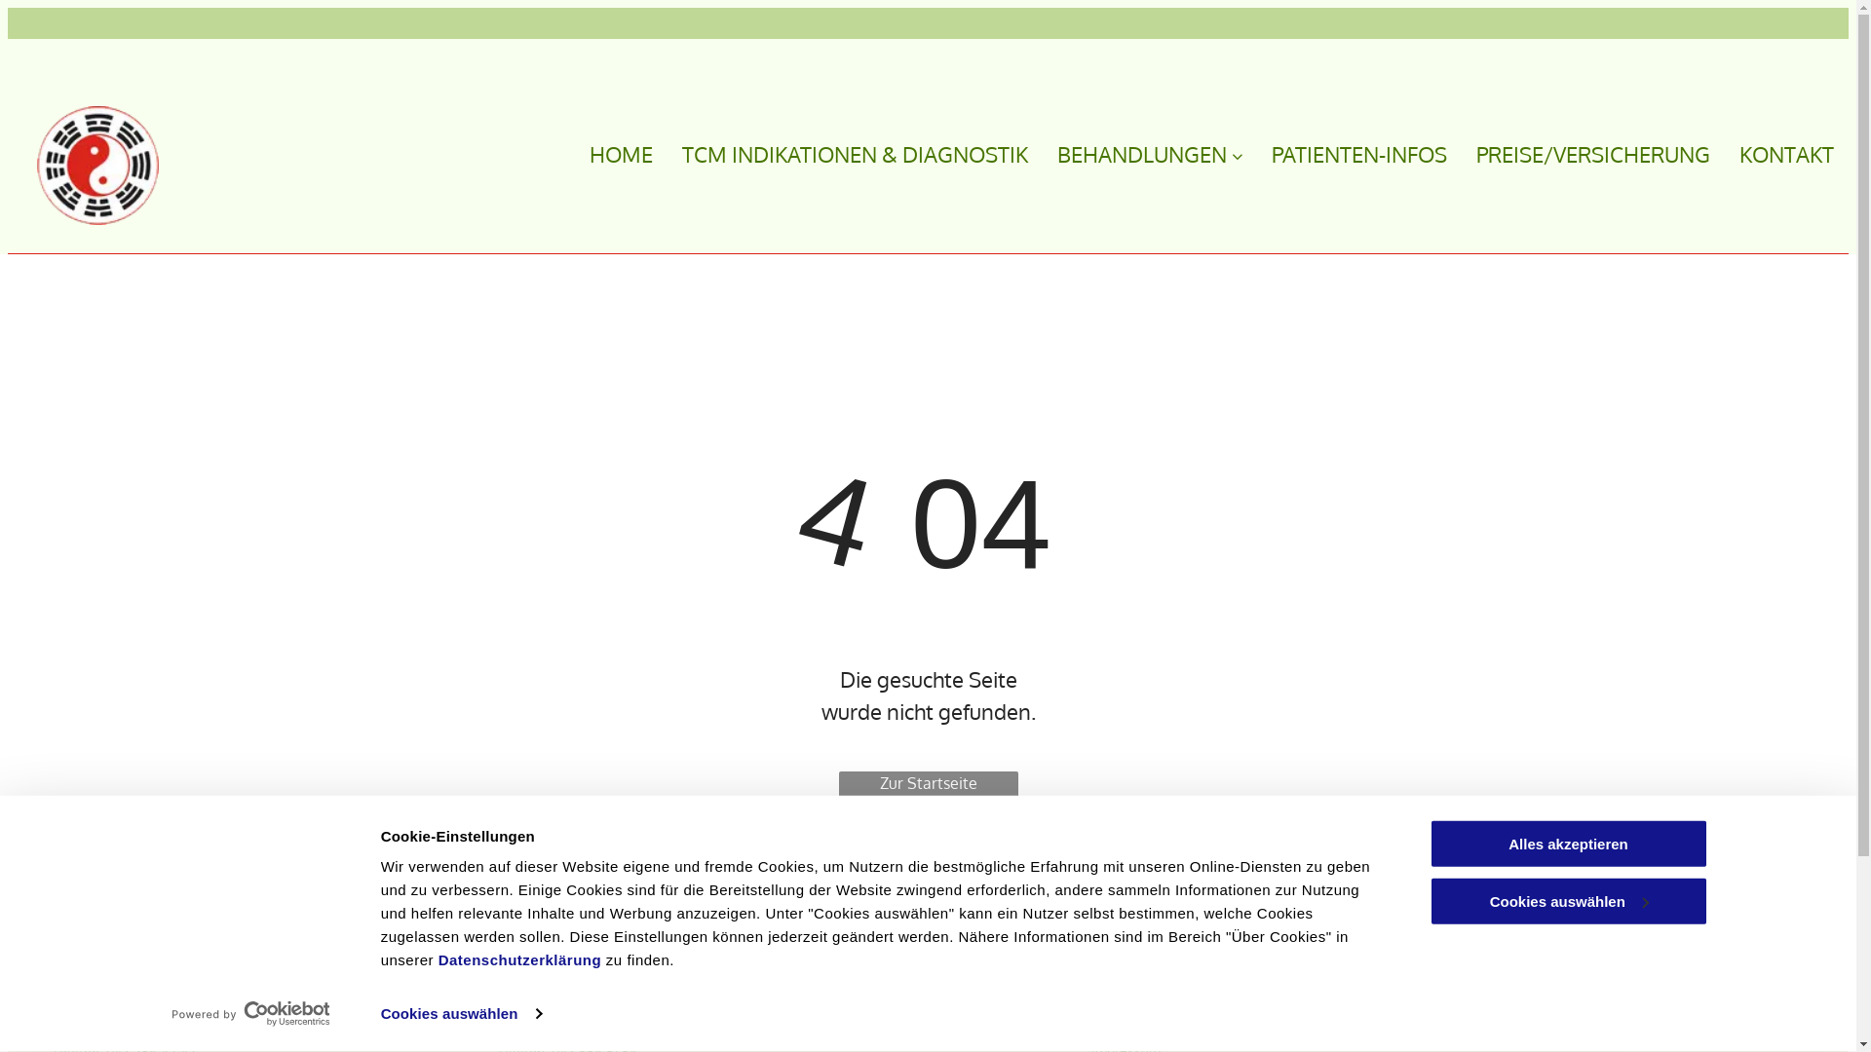 This screenshot has height=1052, width=1871. I want to click on 'Alles akzeptieren', so click(1567, 843).